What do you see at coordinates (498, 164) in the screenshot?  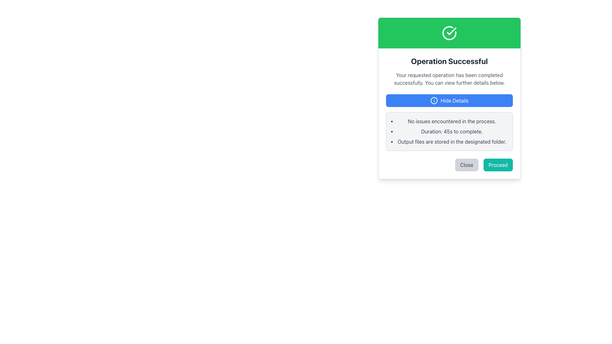 I see `the 'Proceed' button with a vibrant teal background and white text located at the bottom-right corner of the dialog box to invoke its action` at bounding box center [498, 164].